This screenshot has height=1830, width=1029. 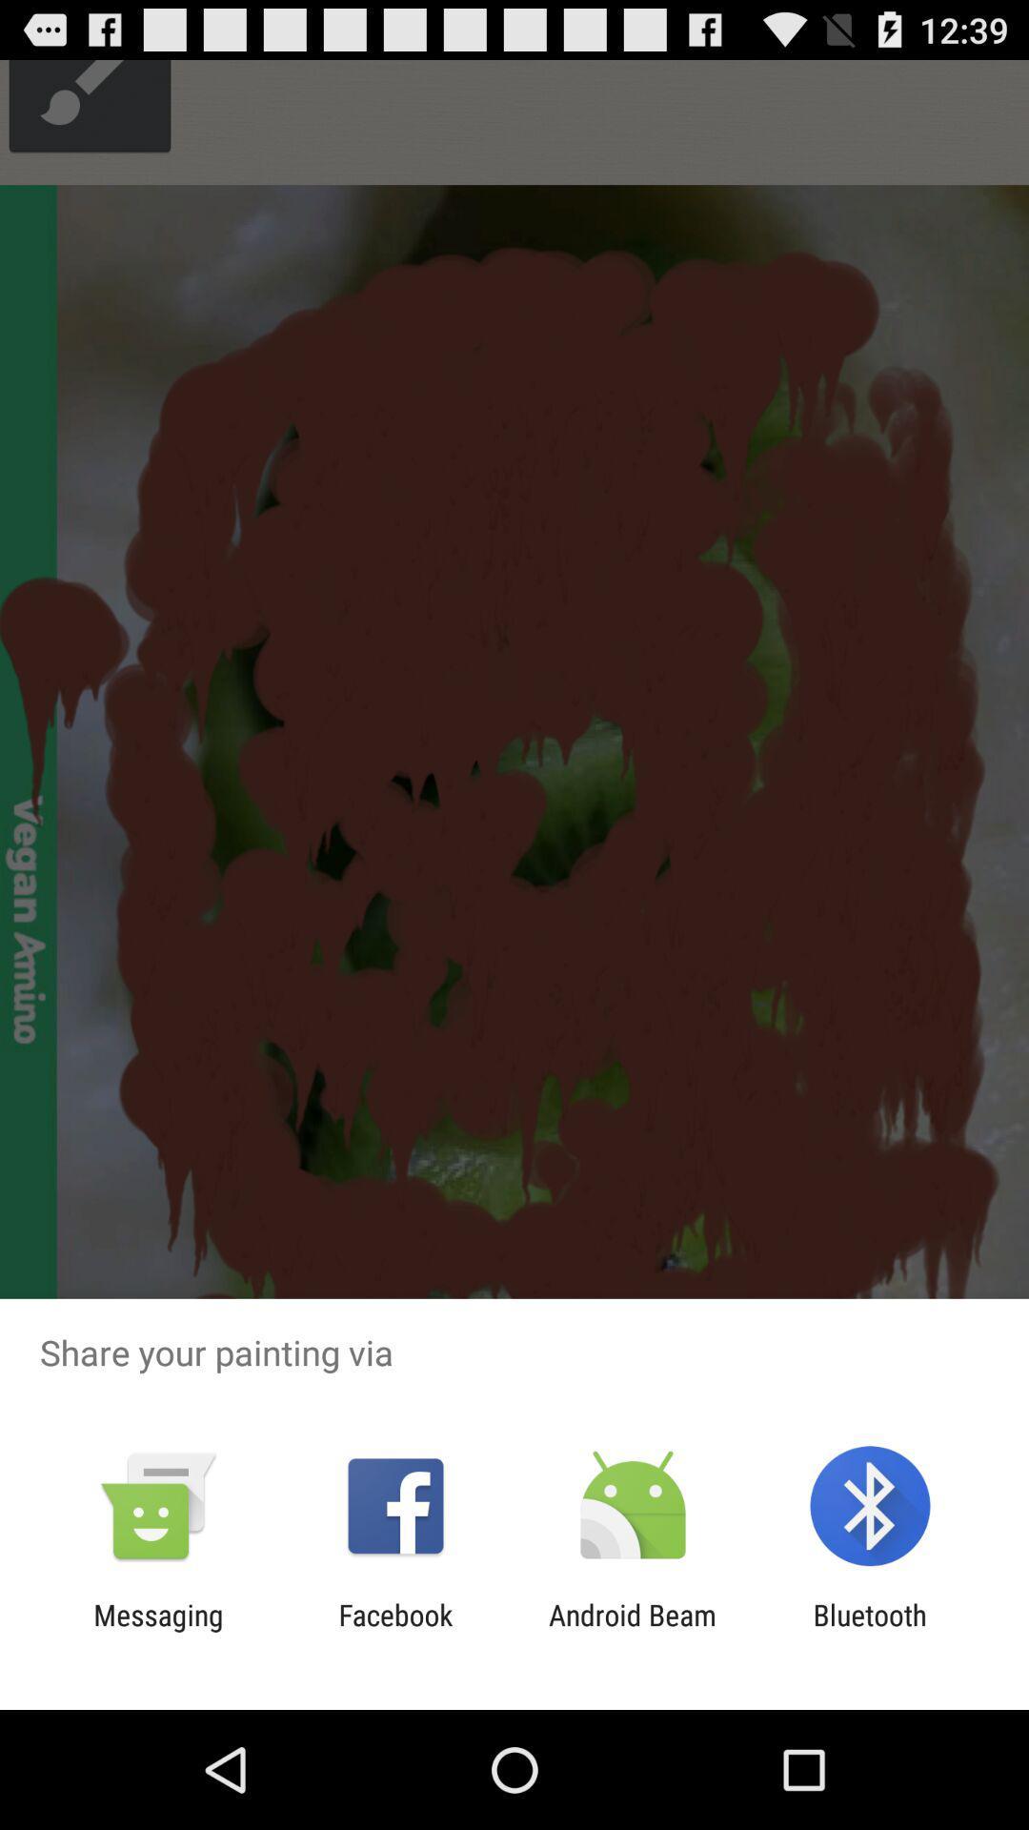 I want to click on the app to the right of android beam icon, so click(x=870, y=1631).